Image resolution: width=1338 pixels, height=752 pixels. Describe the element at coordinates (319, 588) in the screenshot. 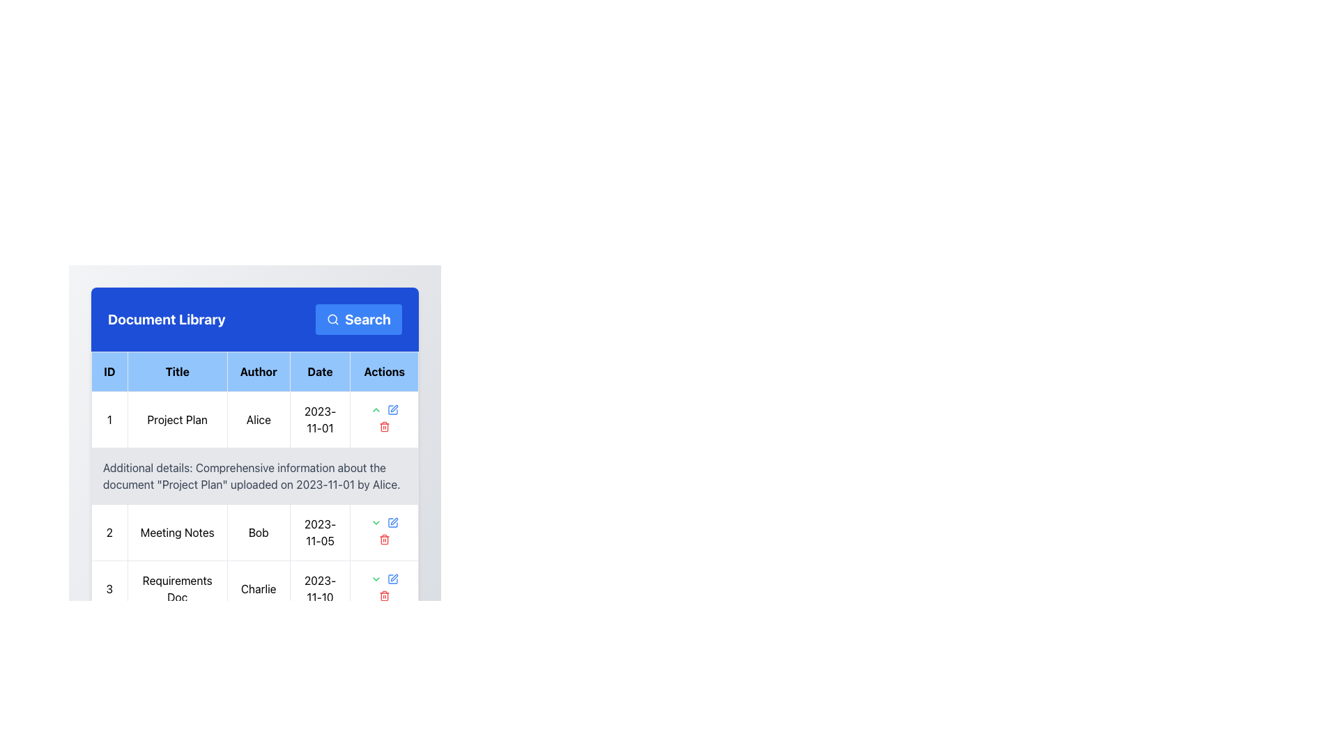

I see `the text label displaying the date '2023-11-10' located in the fourth column of the third row in the 'Document Library' section, corresponding to the document 'Requirements Doc' by 'Charlie'` at that location.